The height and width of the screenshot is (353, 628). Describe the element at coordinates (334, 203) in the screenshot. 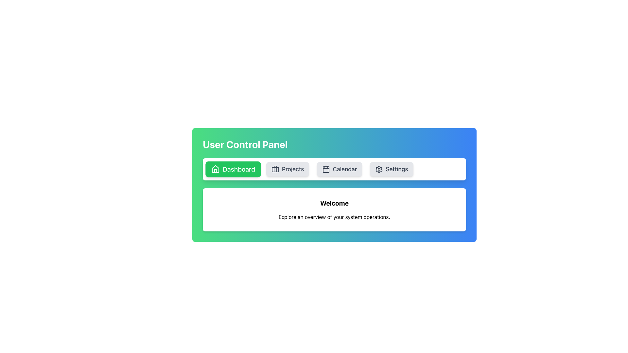

I see `text label displaying 'Welcome' which is bold, large, and positioned at the top of the panel just below the navigation bar` at that location.